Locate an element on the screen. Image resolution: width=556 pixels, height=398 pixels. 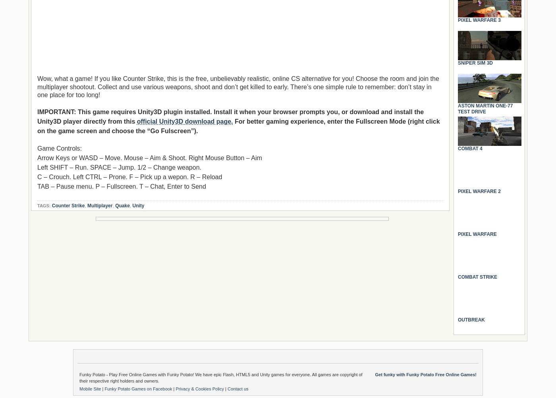
'Privacy & Cookies Policy' is located at coordinates (175, 388).